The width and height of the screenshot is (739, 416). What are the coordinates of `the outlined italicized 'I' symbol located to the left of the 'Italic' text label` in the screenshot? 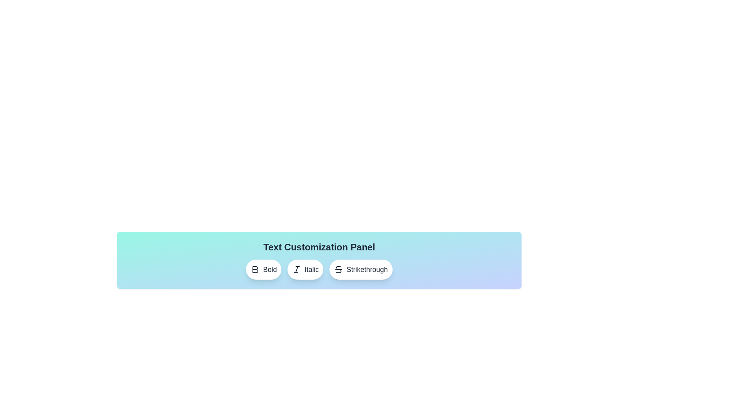 It's located at (296, 269).